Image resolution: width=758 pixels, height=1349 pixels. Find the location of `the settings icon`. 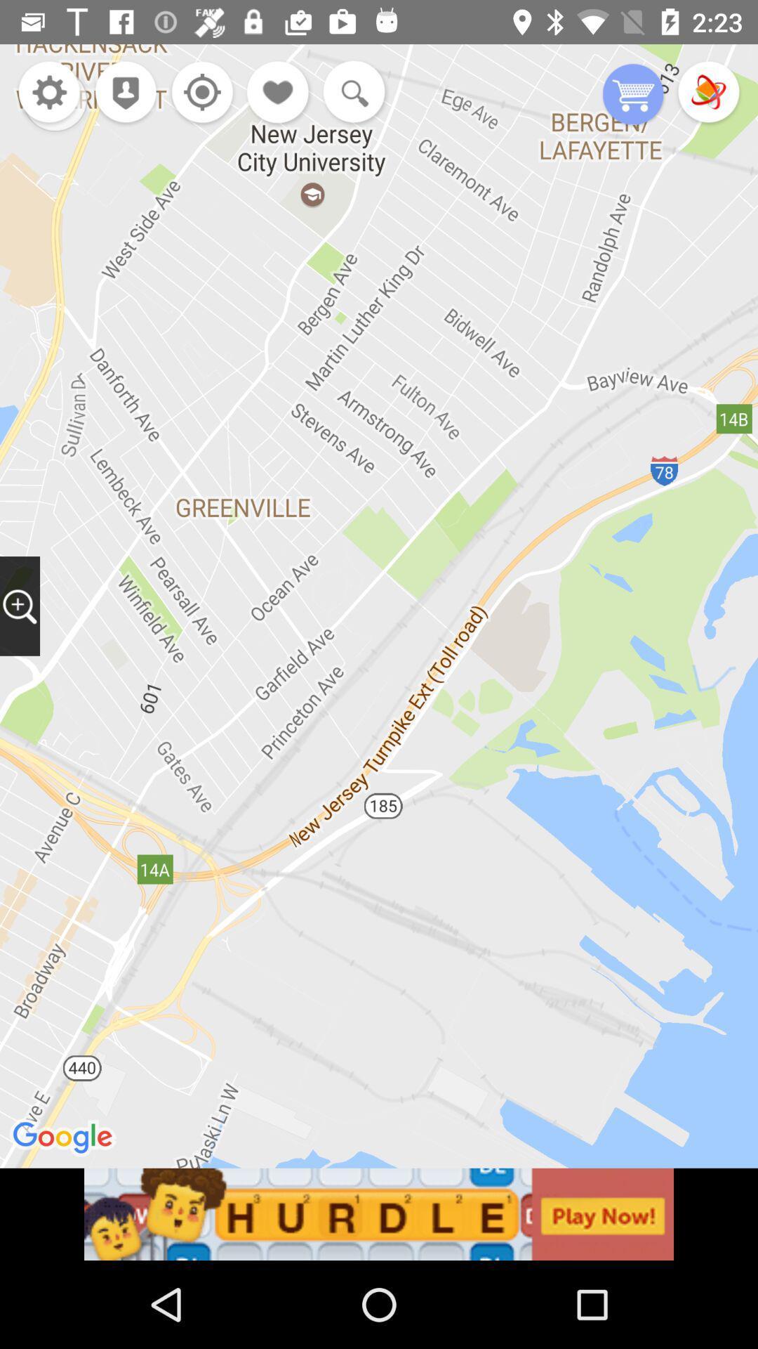

the settings icon is located at coordinates (48, 93).